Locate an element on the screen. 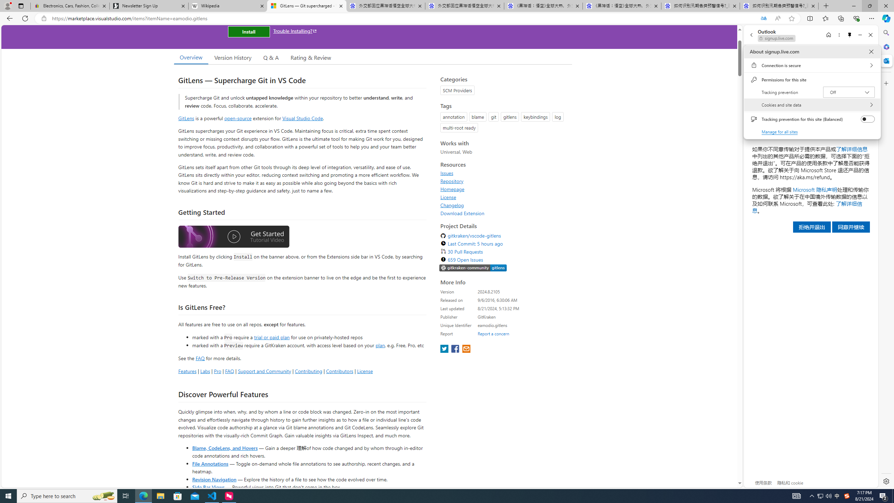 Image resolution: width=894 pixels, height=503 pixels. 'Microsoft Edge - 1 running window' is located at coordinates (143, 495).